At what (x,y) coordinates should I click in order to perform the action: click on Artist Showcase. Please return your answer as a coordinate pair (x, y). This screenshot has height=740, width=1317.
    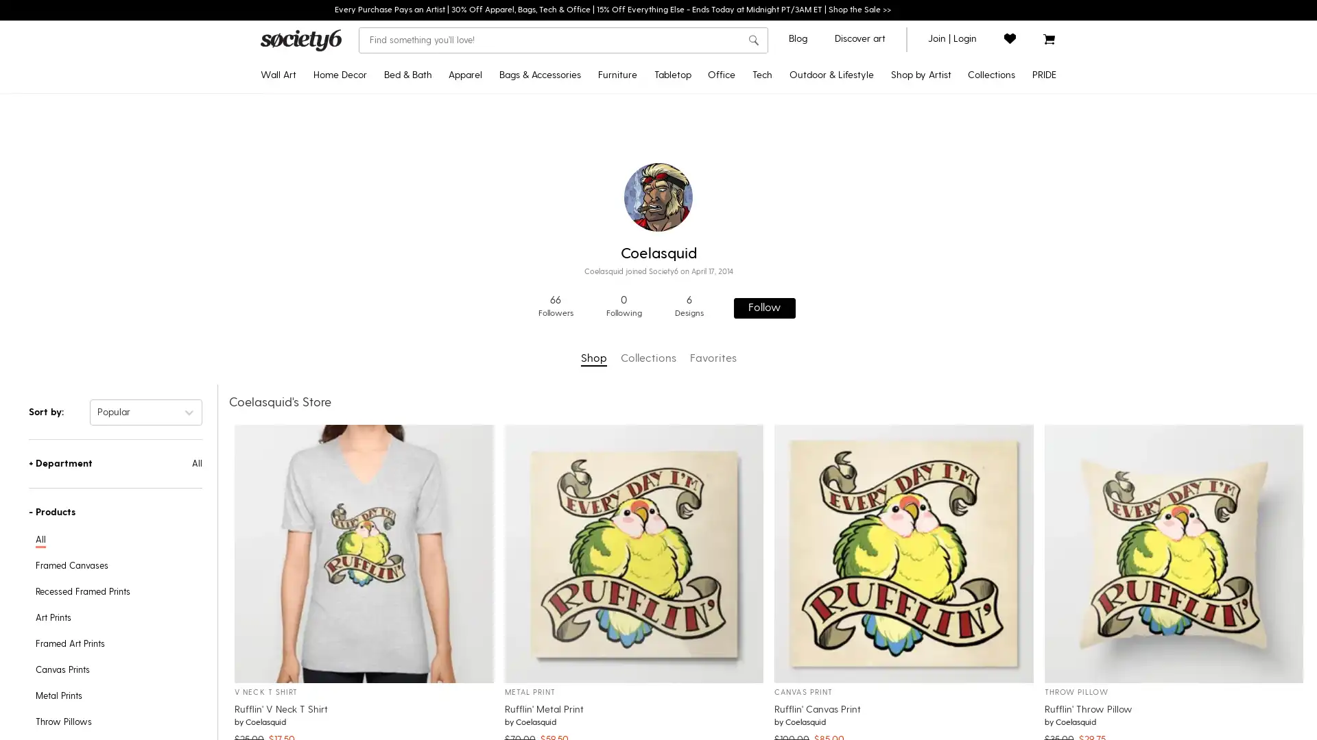
    Looking at the image, I should click on (883, 264).